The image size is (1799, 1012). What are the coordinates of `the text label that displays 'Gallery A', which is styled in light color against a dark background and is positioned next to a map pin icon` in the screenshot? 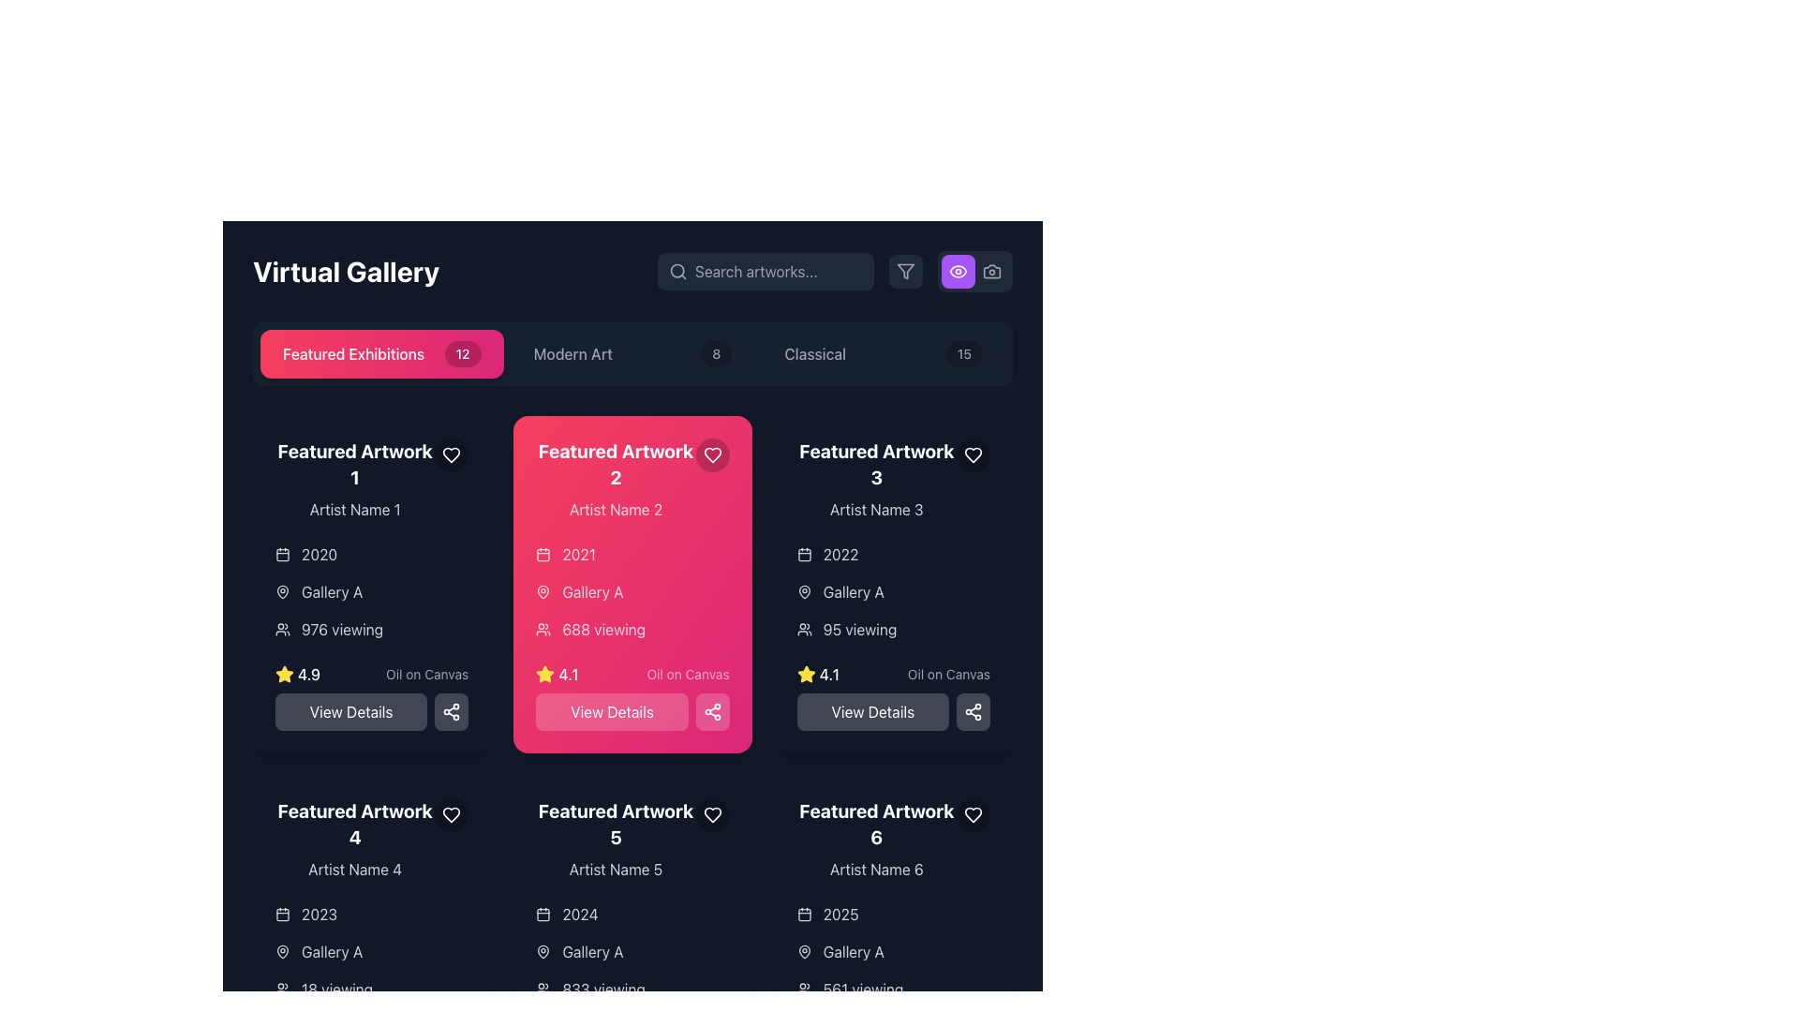 It's located at (332, 951).